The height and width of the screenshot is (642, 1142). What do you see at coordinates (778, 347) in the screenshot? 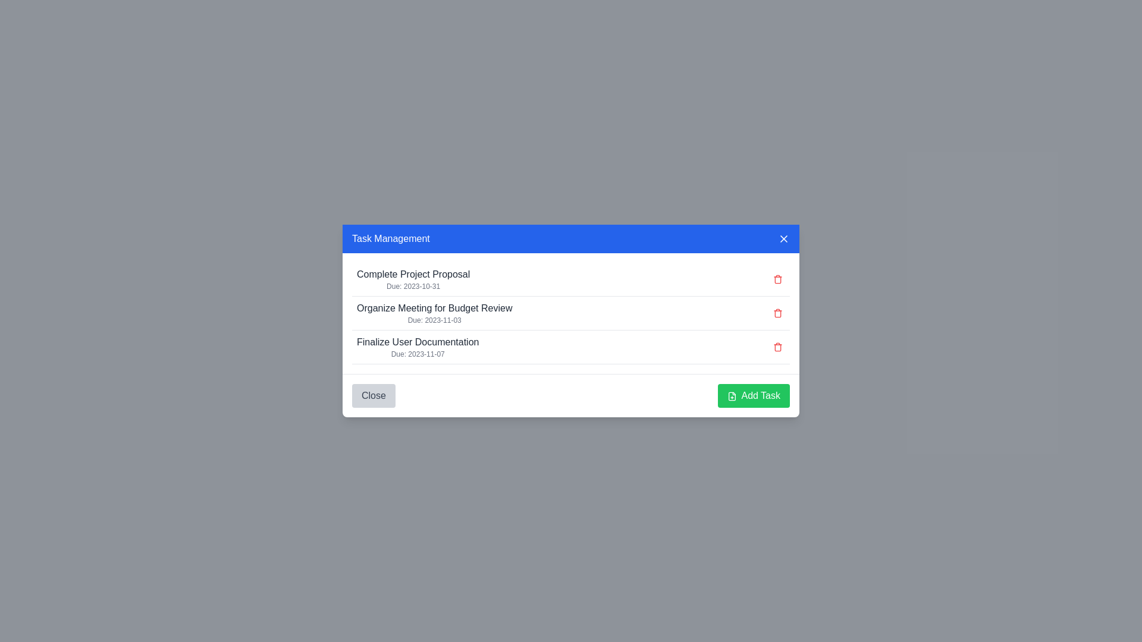
I see `the trash icon associated with the task titled 'Finalize User Documentation' to remove it` at bounding box center [778, 347].